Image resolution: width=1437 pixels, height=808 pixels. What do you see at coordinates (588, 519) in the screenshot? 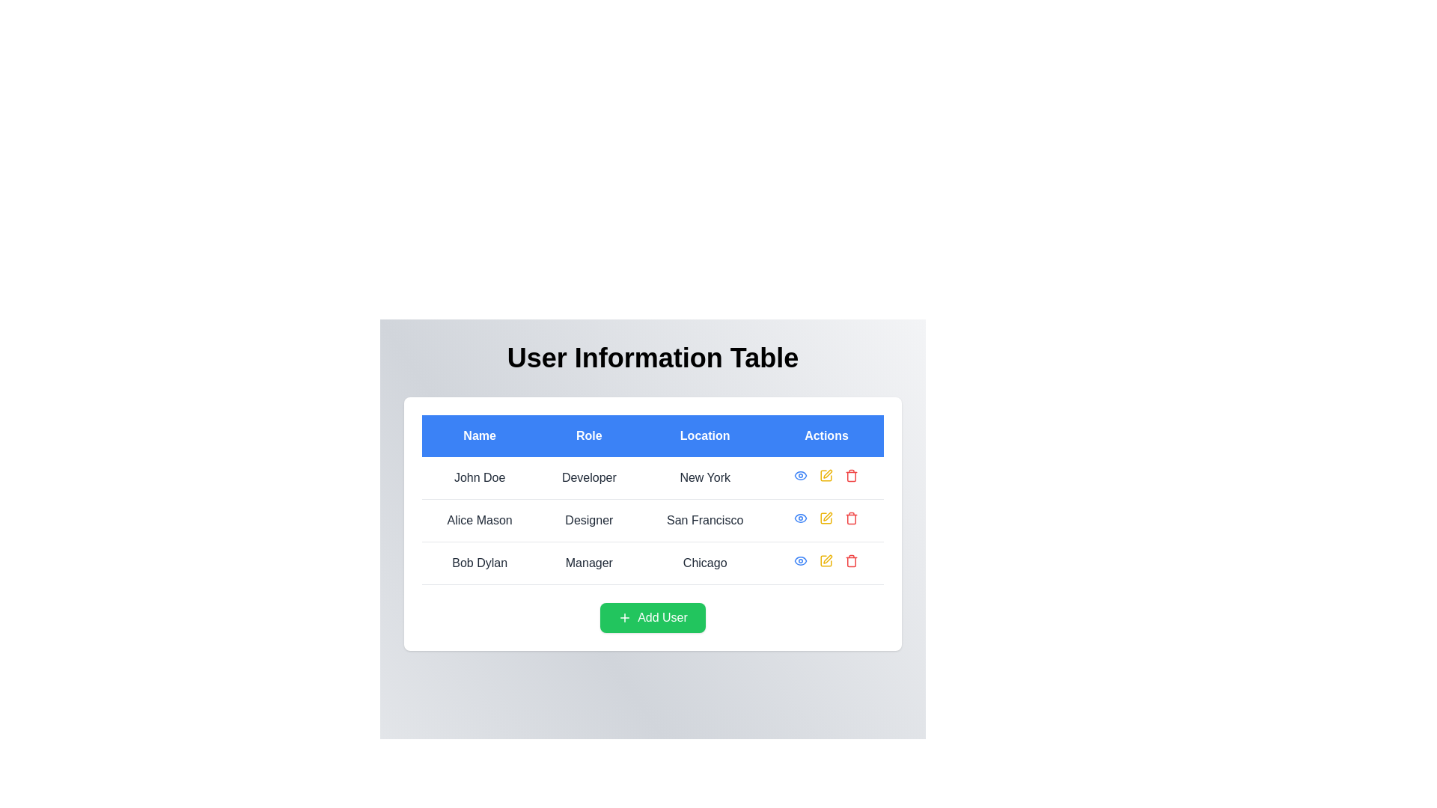
I see `the 'Designer' text label in the Role column of the user information table, which is positioned between 'Alice Mason' and 'San Francisco'` at bounding box center [588, 519].